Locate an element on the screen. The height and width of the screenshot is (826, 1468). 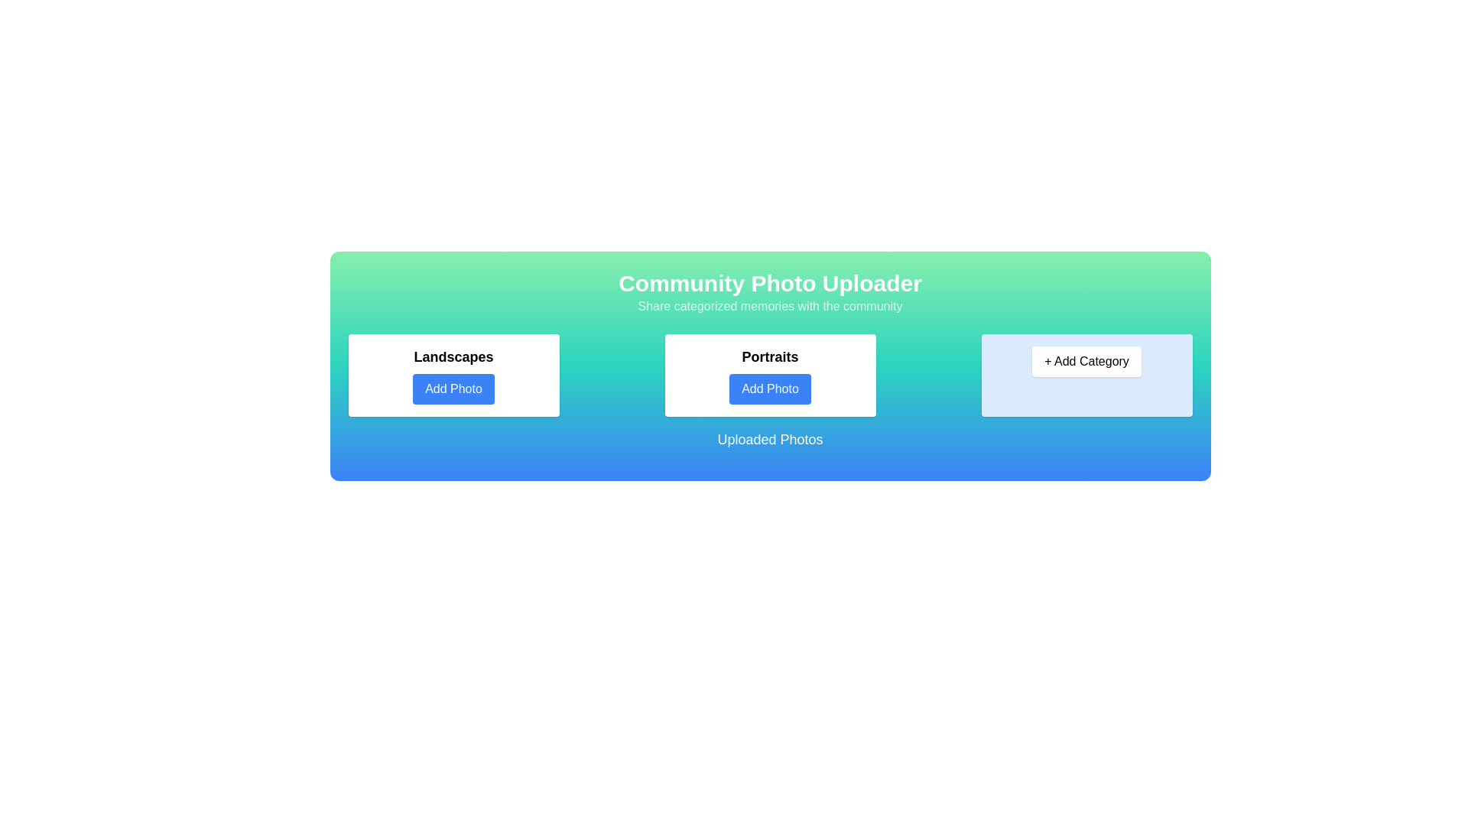
the text label that serves as the title for the section displaying uploaded photos, located centrally below the categories 'Landscapes,' 'Portraits,' and '+ Add Category.' is located at coordinates (770, 445).